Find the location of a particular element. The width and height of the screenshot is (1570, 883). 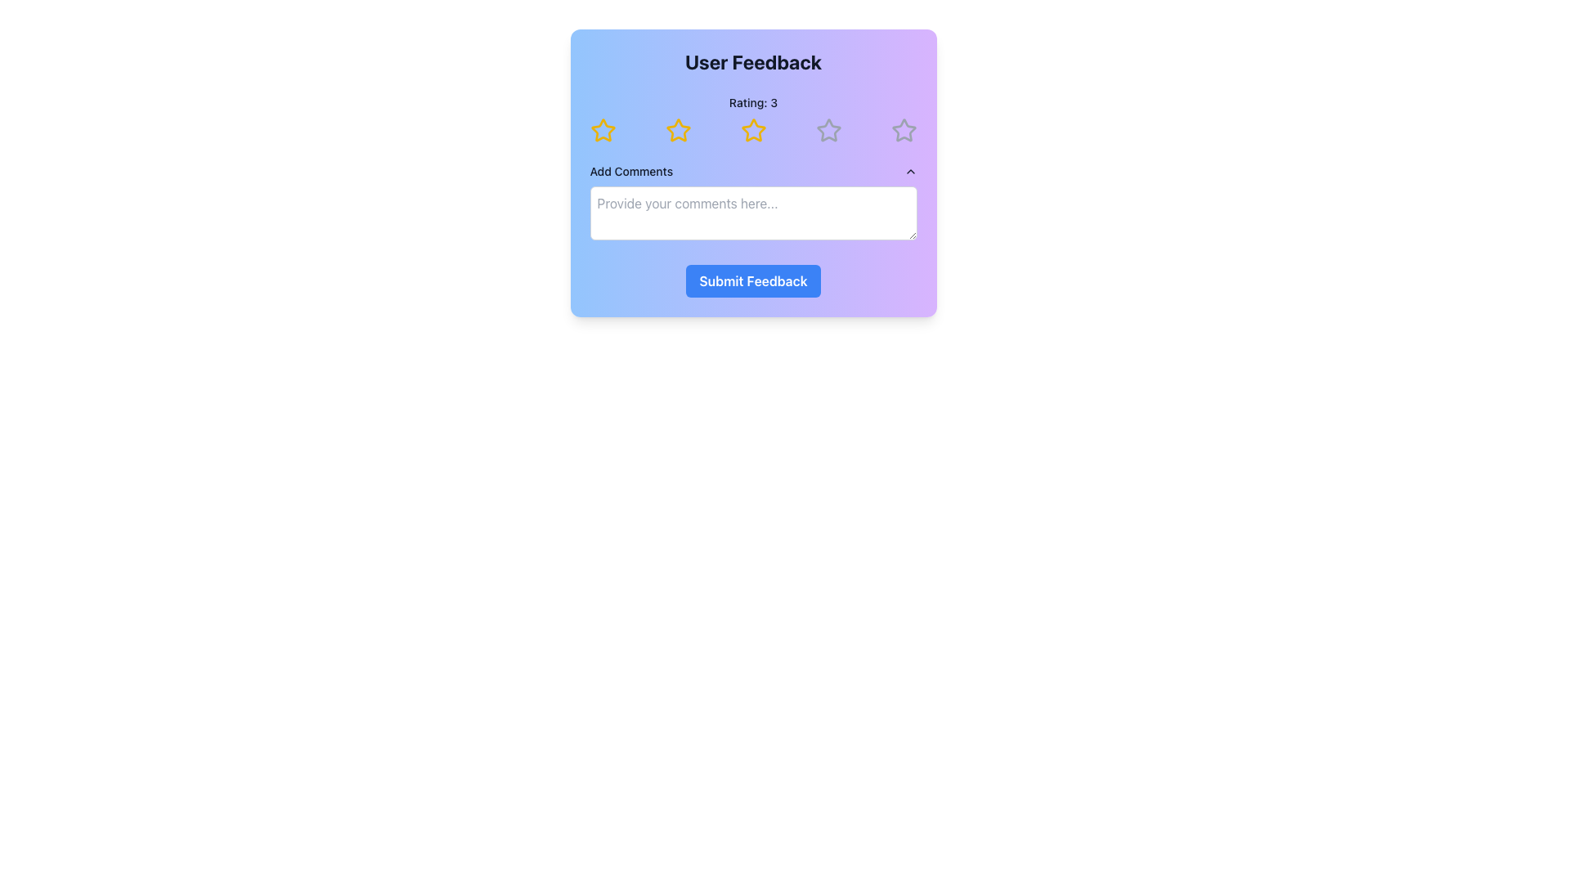

the 'Submit Feedback' button located at the bottom of the 'User Feedback' card, which is styled with a gradient background and positioned centrally is located at coordinates (752, 280).